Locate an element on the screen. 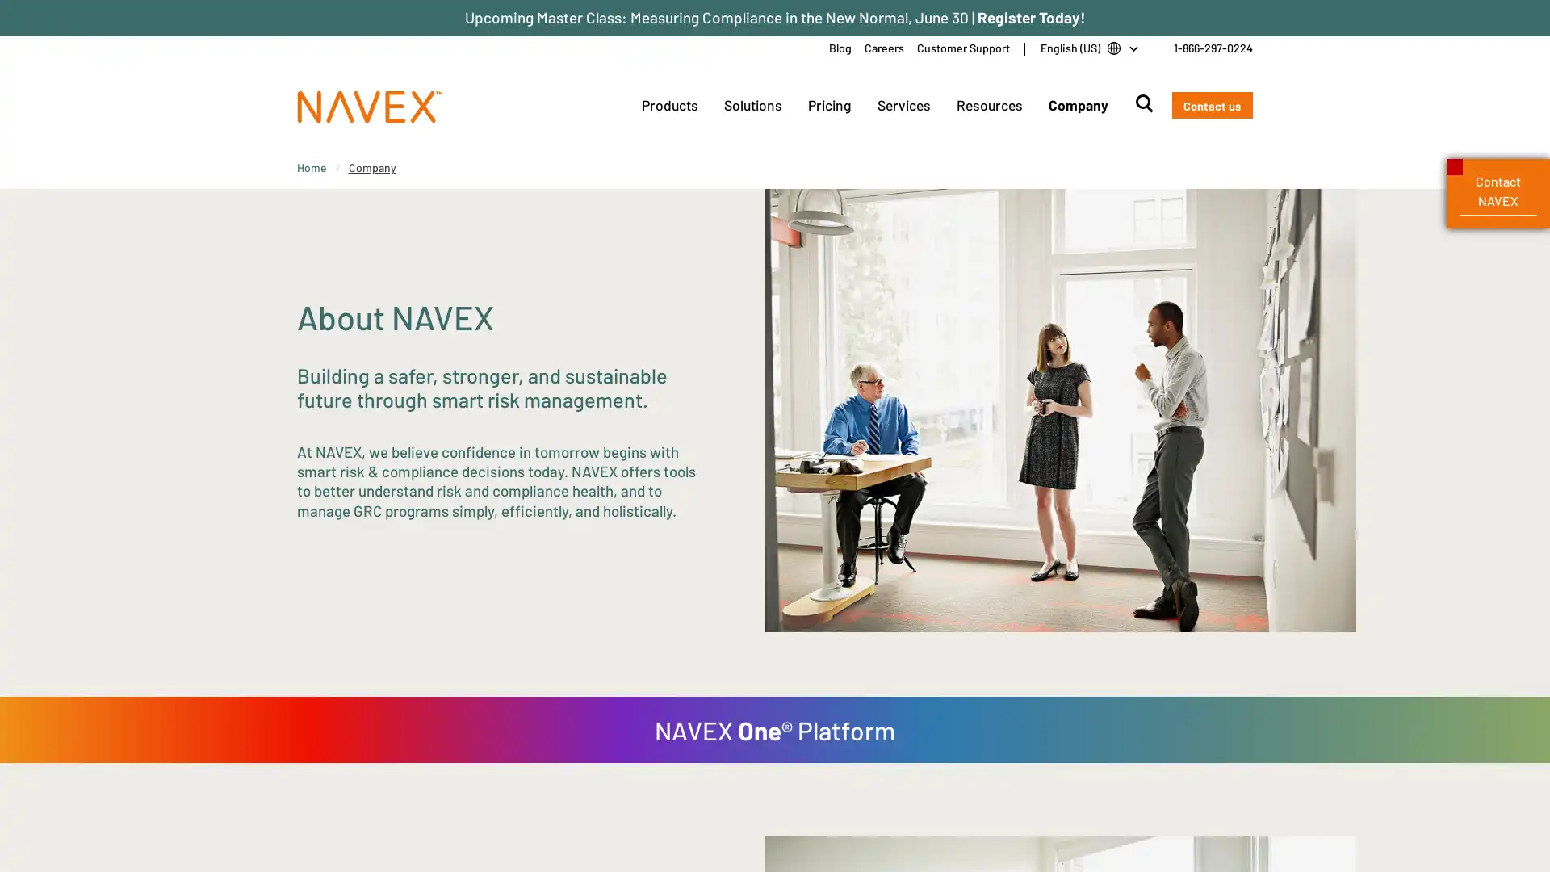 The height and width of the screenshot is (872, 1550). Resources is located at coordinates (987, 105).